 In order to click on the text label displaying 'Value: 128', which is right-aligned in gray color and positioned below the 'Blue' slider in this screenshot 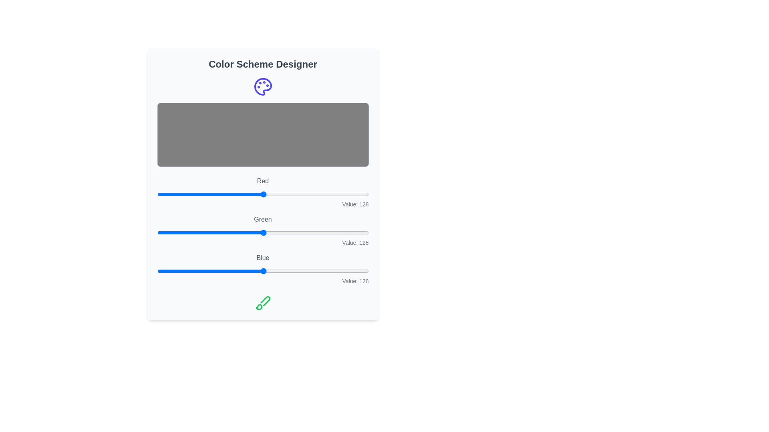, I will do `click(263, 280)`.